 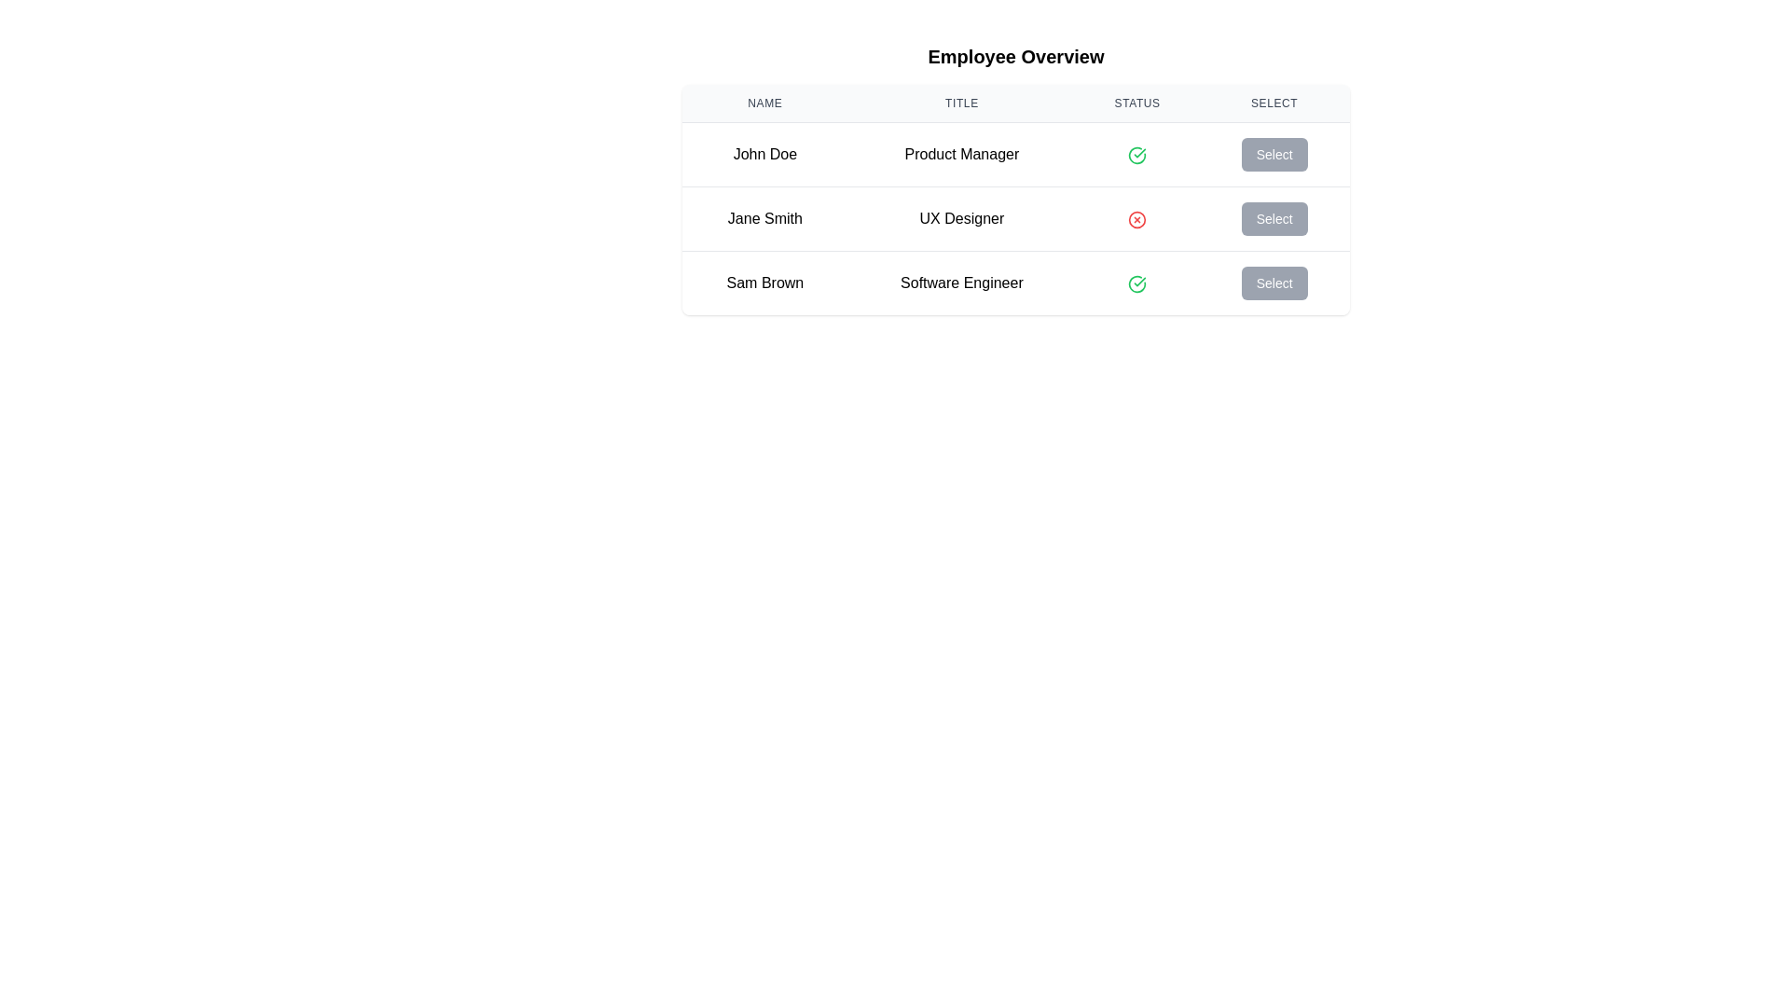 What do you see at coordinates (1136, 283) in the screenshot?
I see `the circular green outlined icon with a checkmark indicating a positive status, located in the 'STATUS' column corresponding to the 'Sam Brown' row` at bounding box center [1136, 283].